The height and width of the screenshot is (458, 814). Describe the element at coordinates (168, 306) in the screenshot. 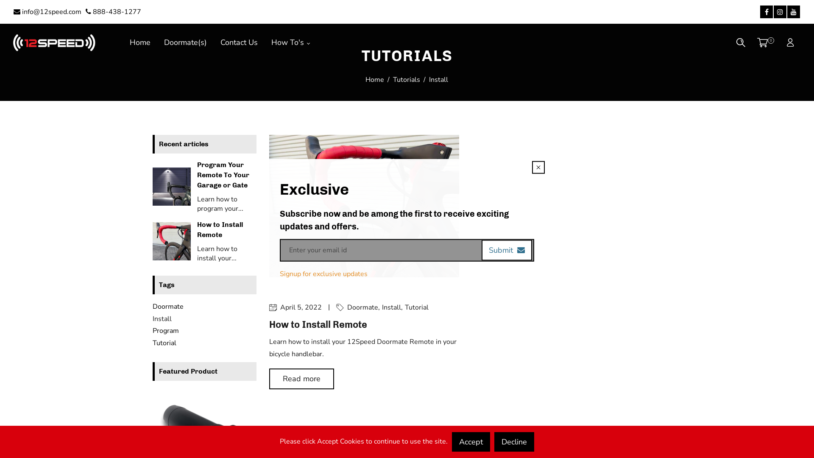

I see `'Doormate'` at that location.